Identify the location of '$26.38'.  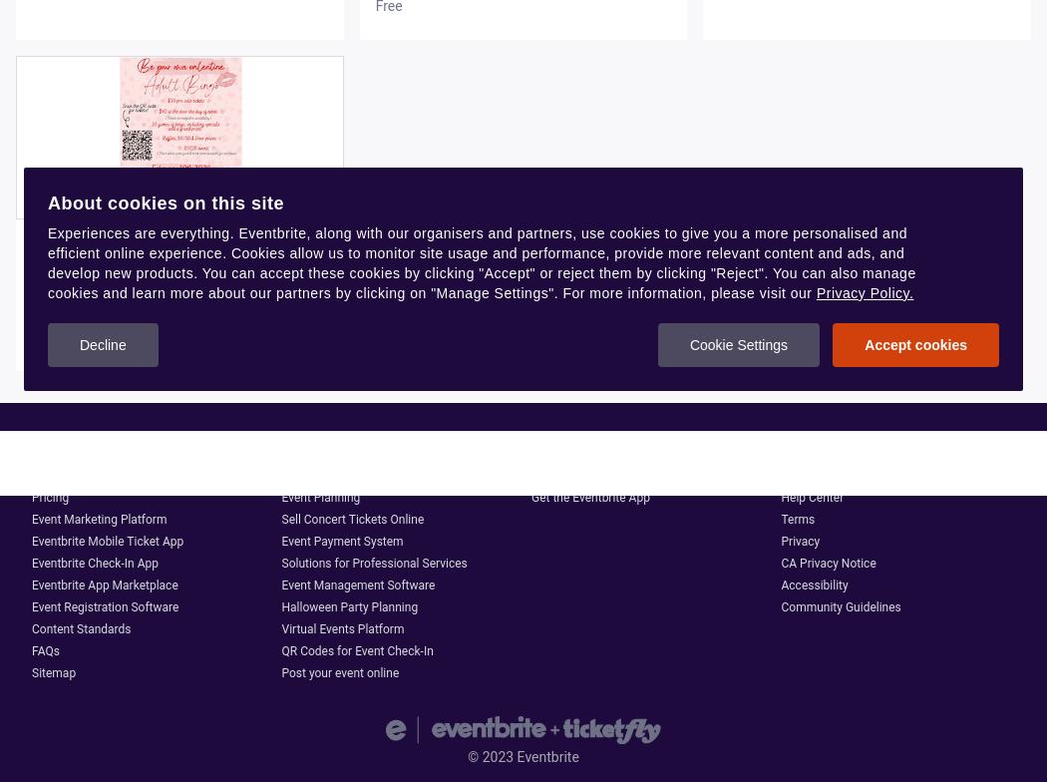
(32, 336).